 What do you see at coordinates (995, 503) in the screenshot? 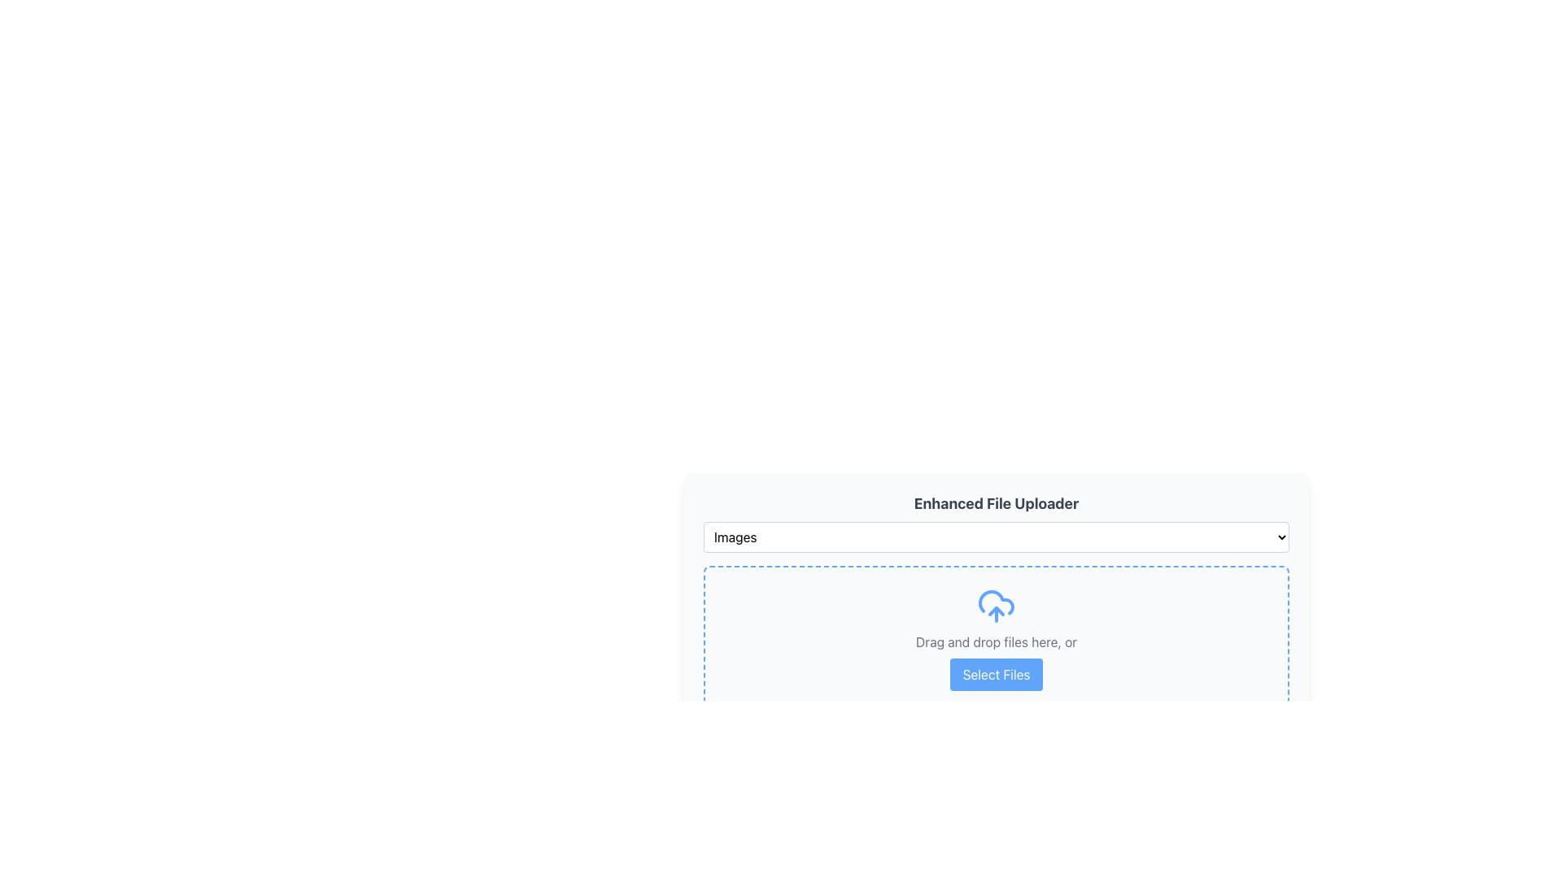
I see `the text label displaying 'Enhanced File Uploader', which is a bold and large gray font header for the file uploader interface, located at the top of the section` at bounding box center [995, 503].